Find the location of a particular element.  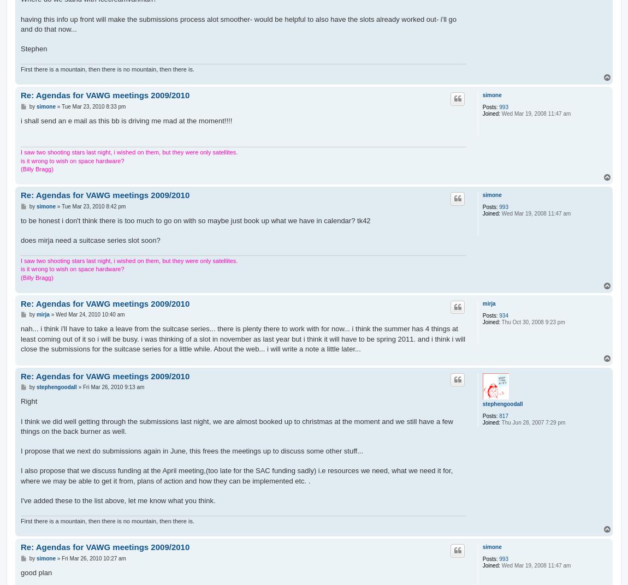

'Tue Mar 23, 2010 8:33 pm' is located at coordinates (93, 105).